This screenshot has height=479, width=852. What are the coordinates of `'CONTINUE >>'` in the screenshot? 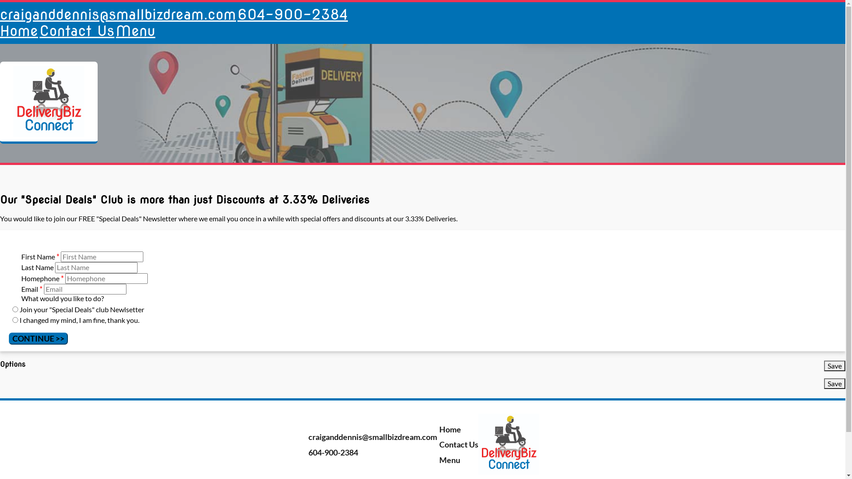 It's located at (38, 338).